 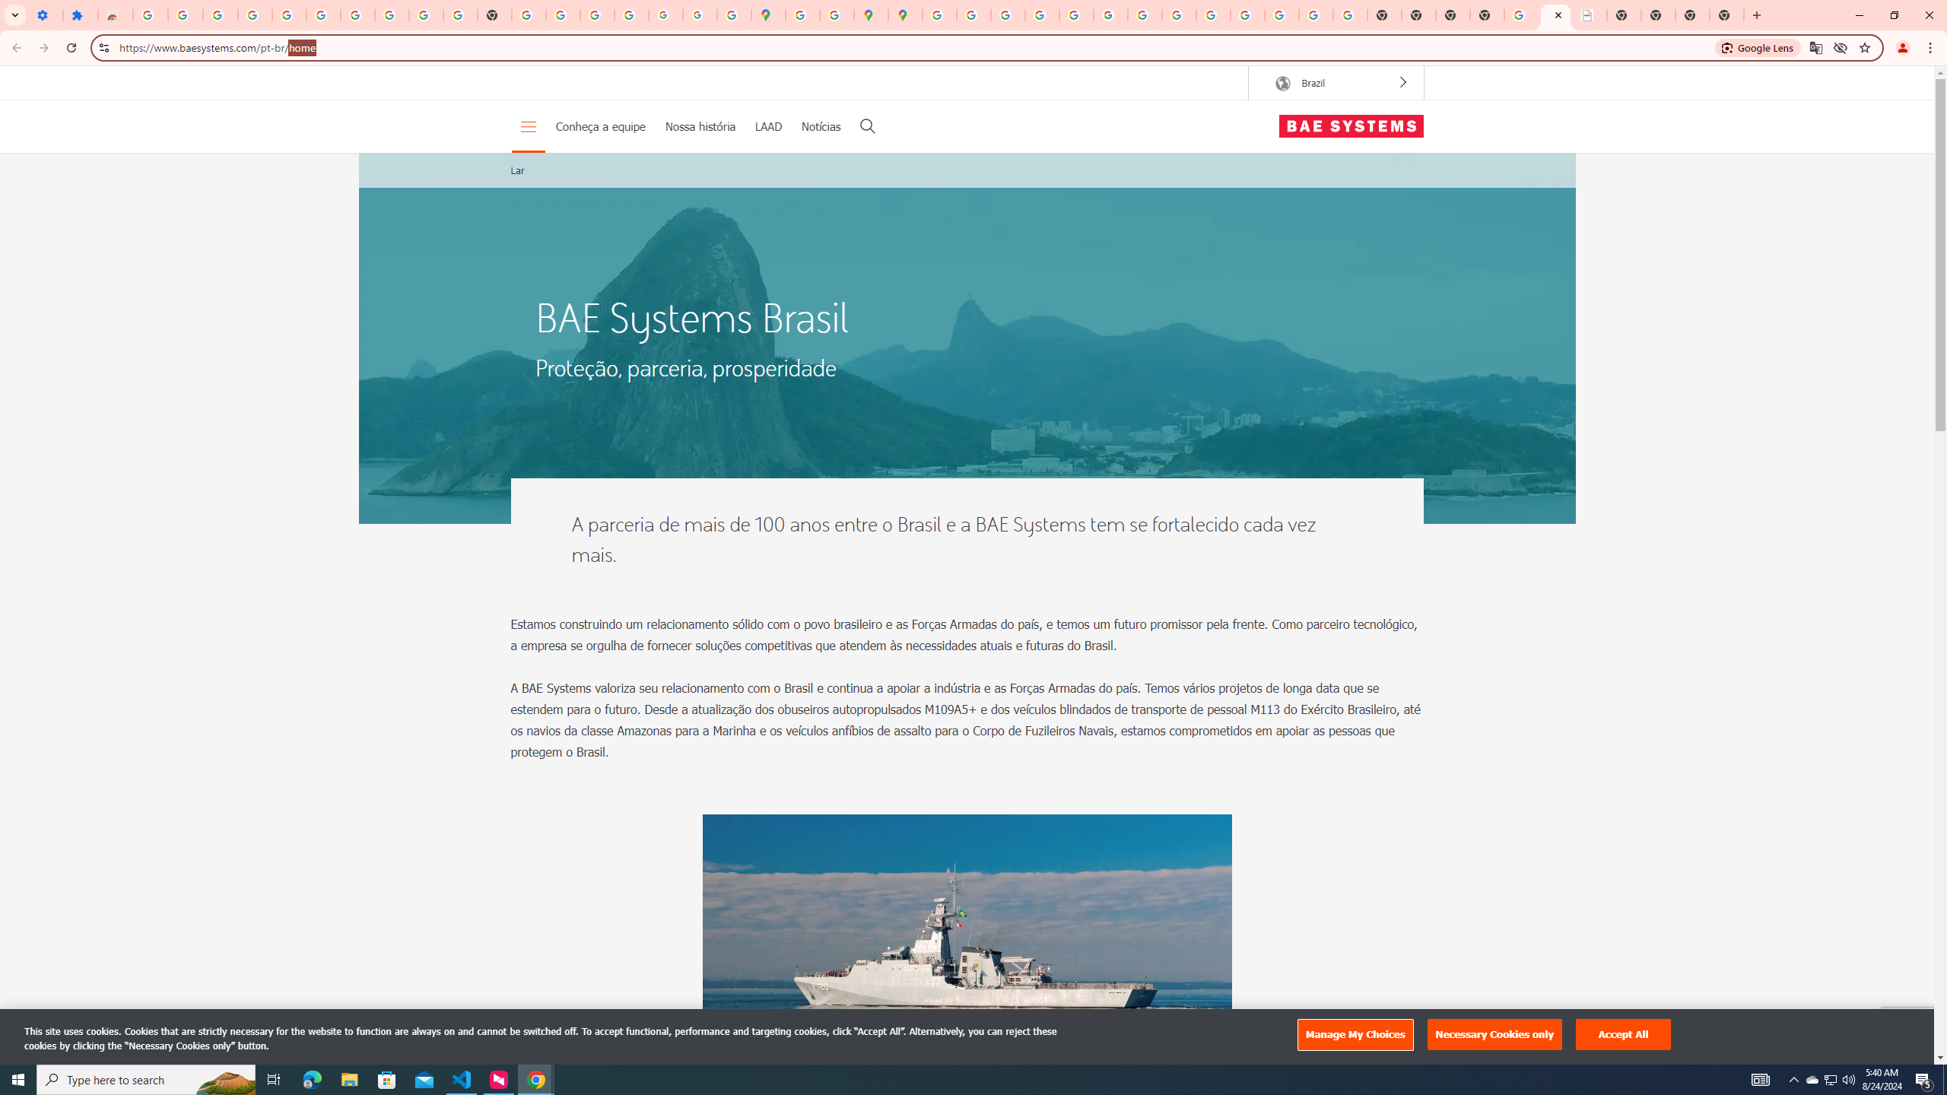 I want to click on 'Delete photos & videos - Computer - Google Photos Help', so click(x=220, y=14).